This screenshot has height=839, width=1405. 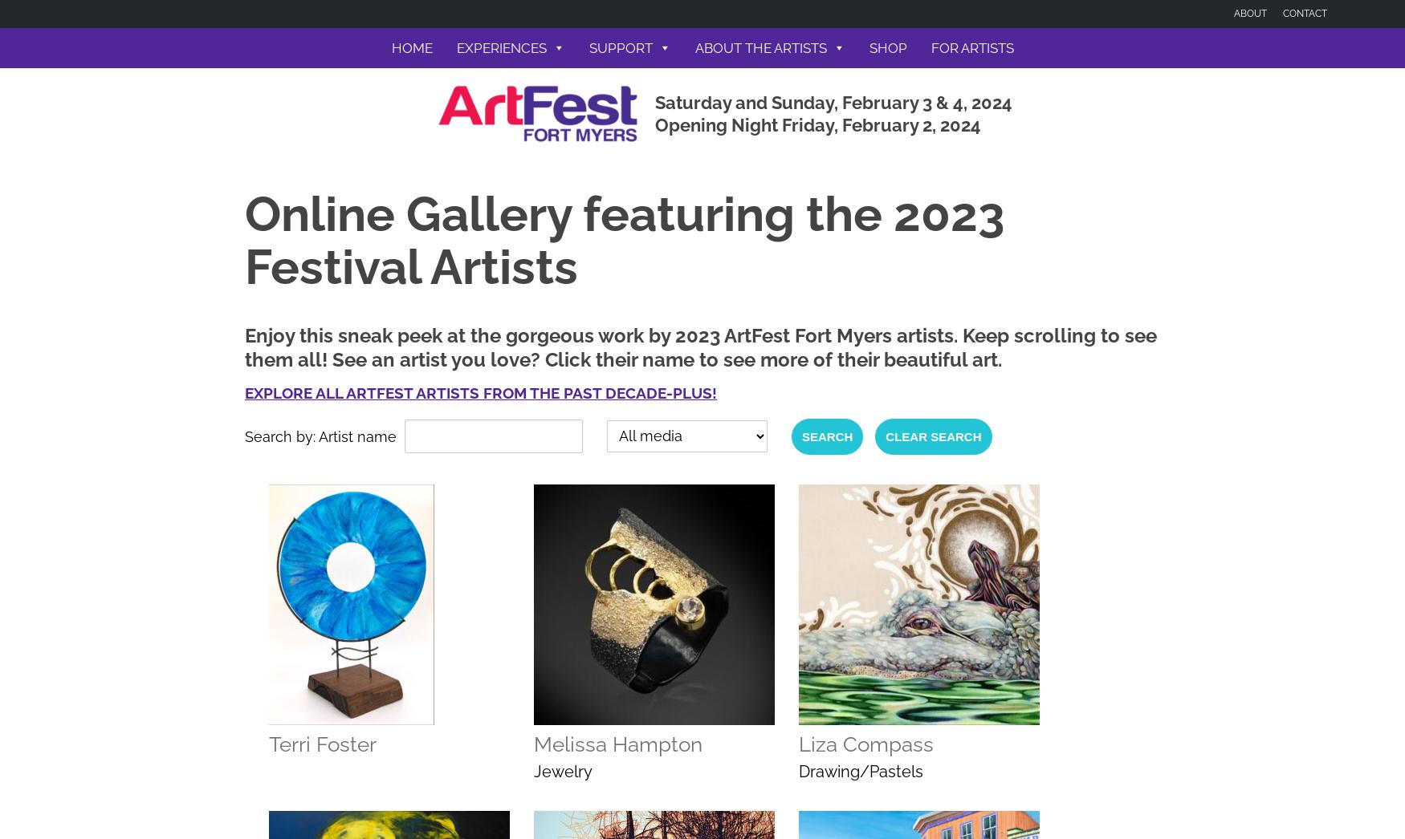 I want to click on 'Experiences', so click(x=501, y=48).